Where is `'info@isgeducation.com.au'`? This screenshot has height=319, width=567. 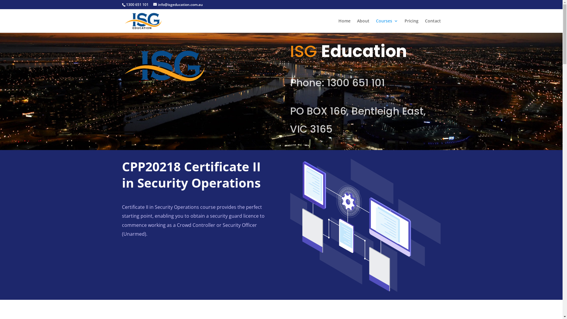 'info@isgeducation.com.au' is located at coordinates (177, 4).